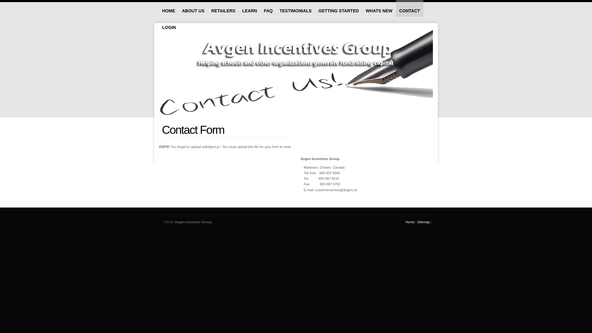  What do you see at coordinates (260, 8) in the screenshot?
I see `'FAQ'` at bounding box center [260, 8].